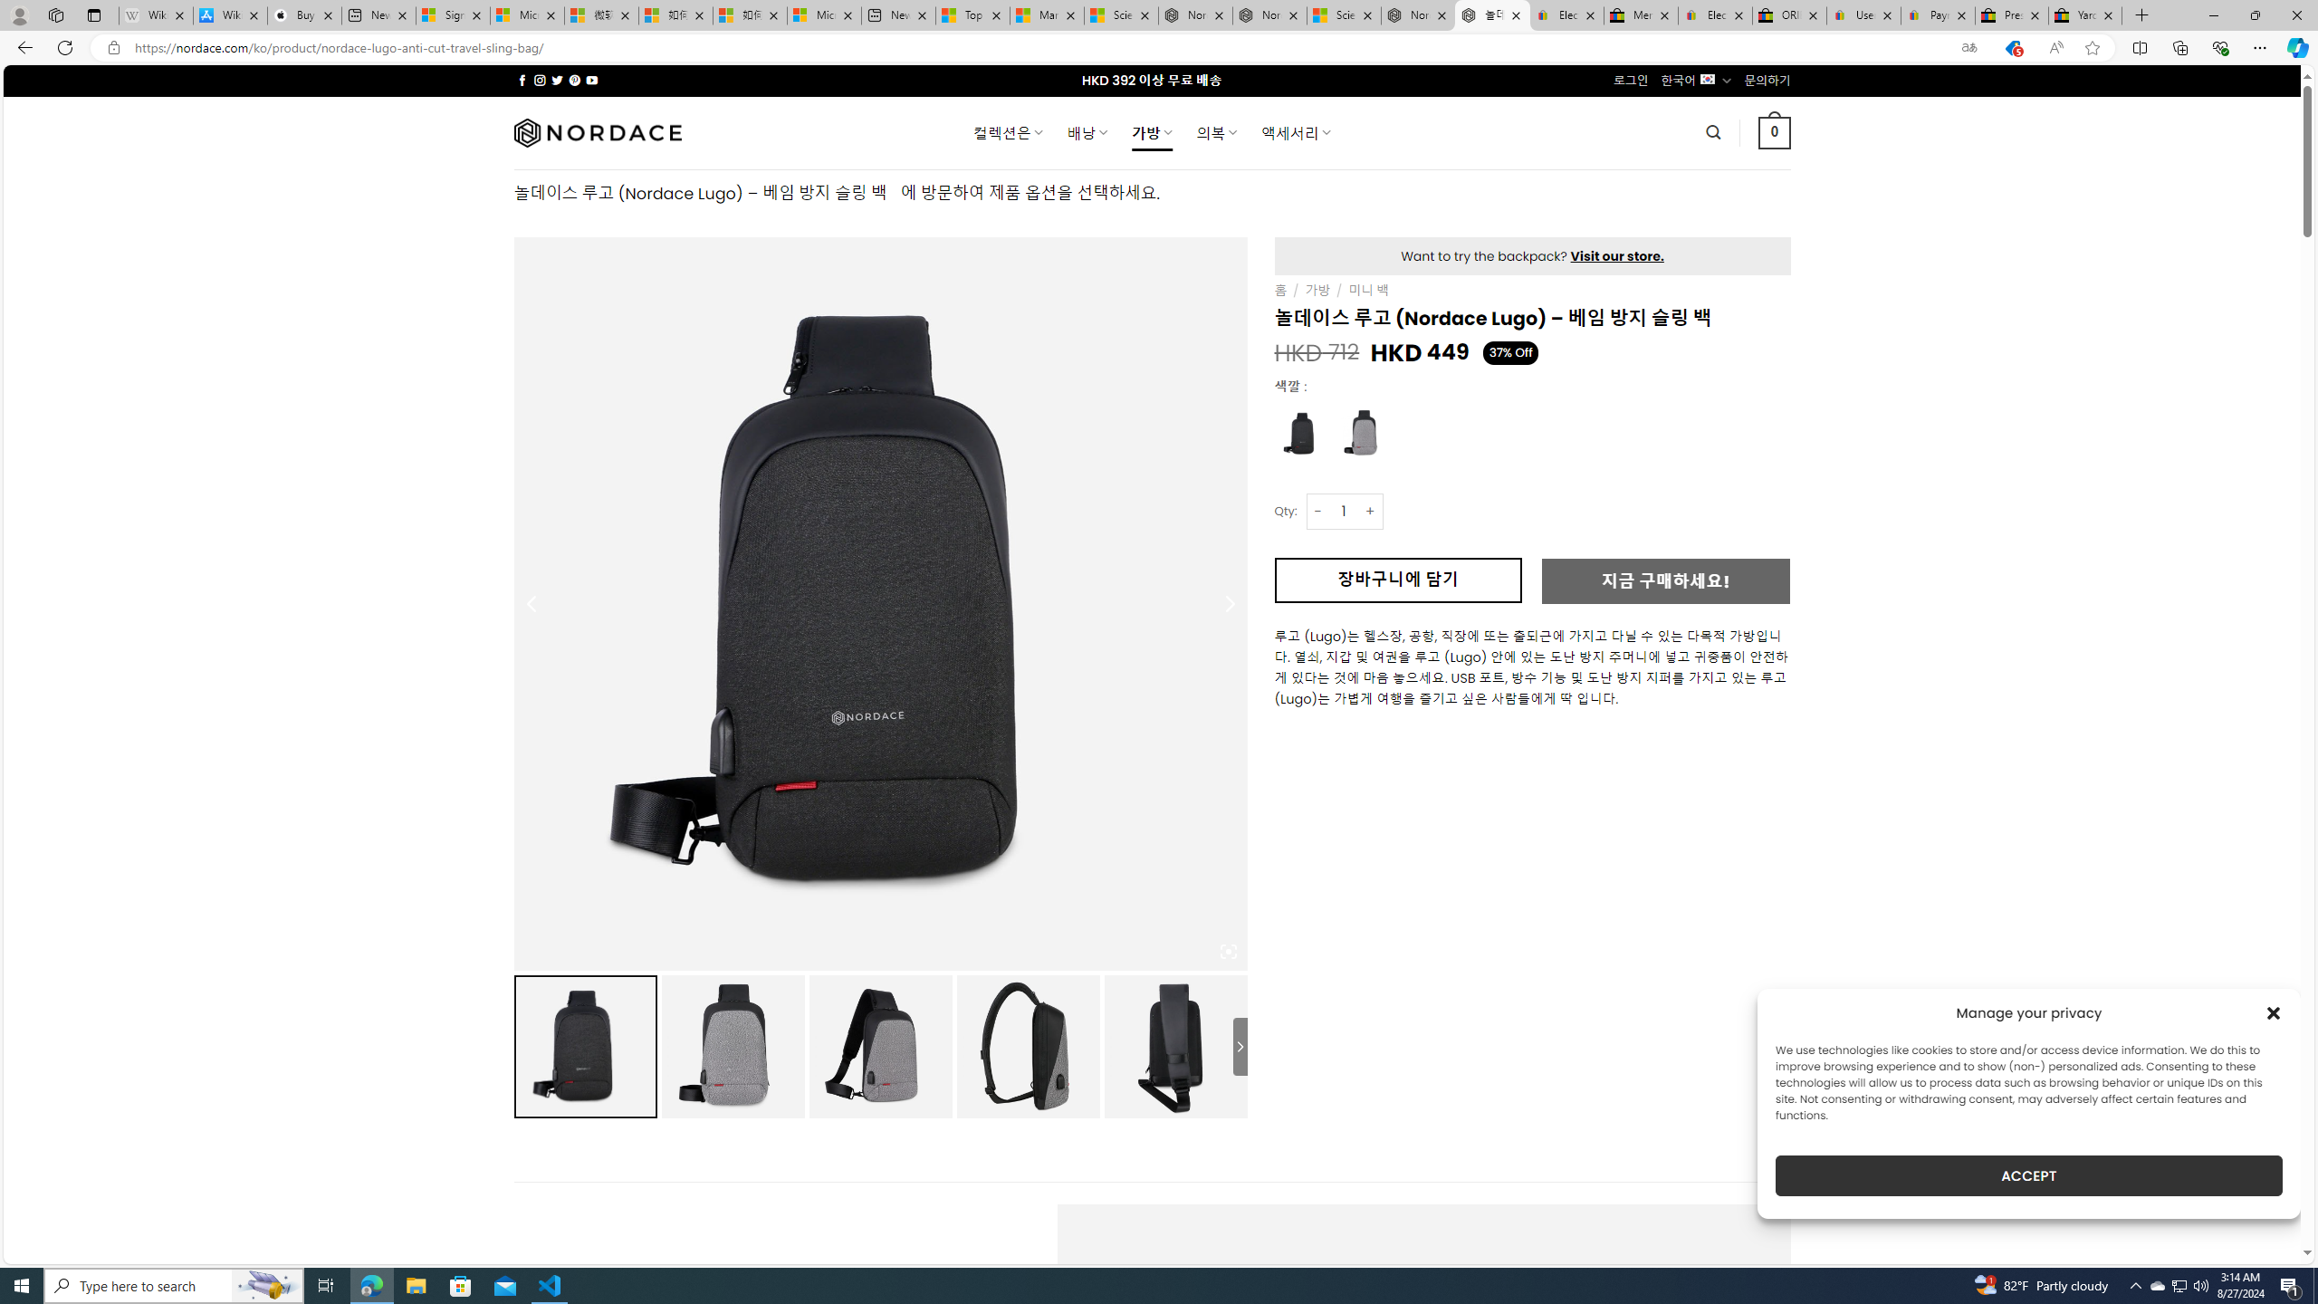 Image resolution: width=2318 pixels, height=1304 pixels. What do you see at coordinates (1370, 510) in the screenshot?
I see `'+'` at bounding box center [1370, 510].